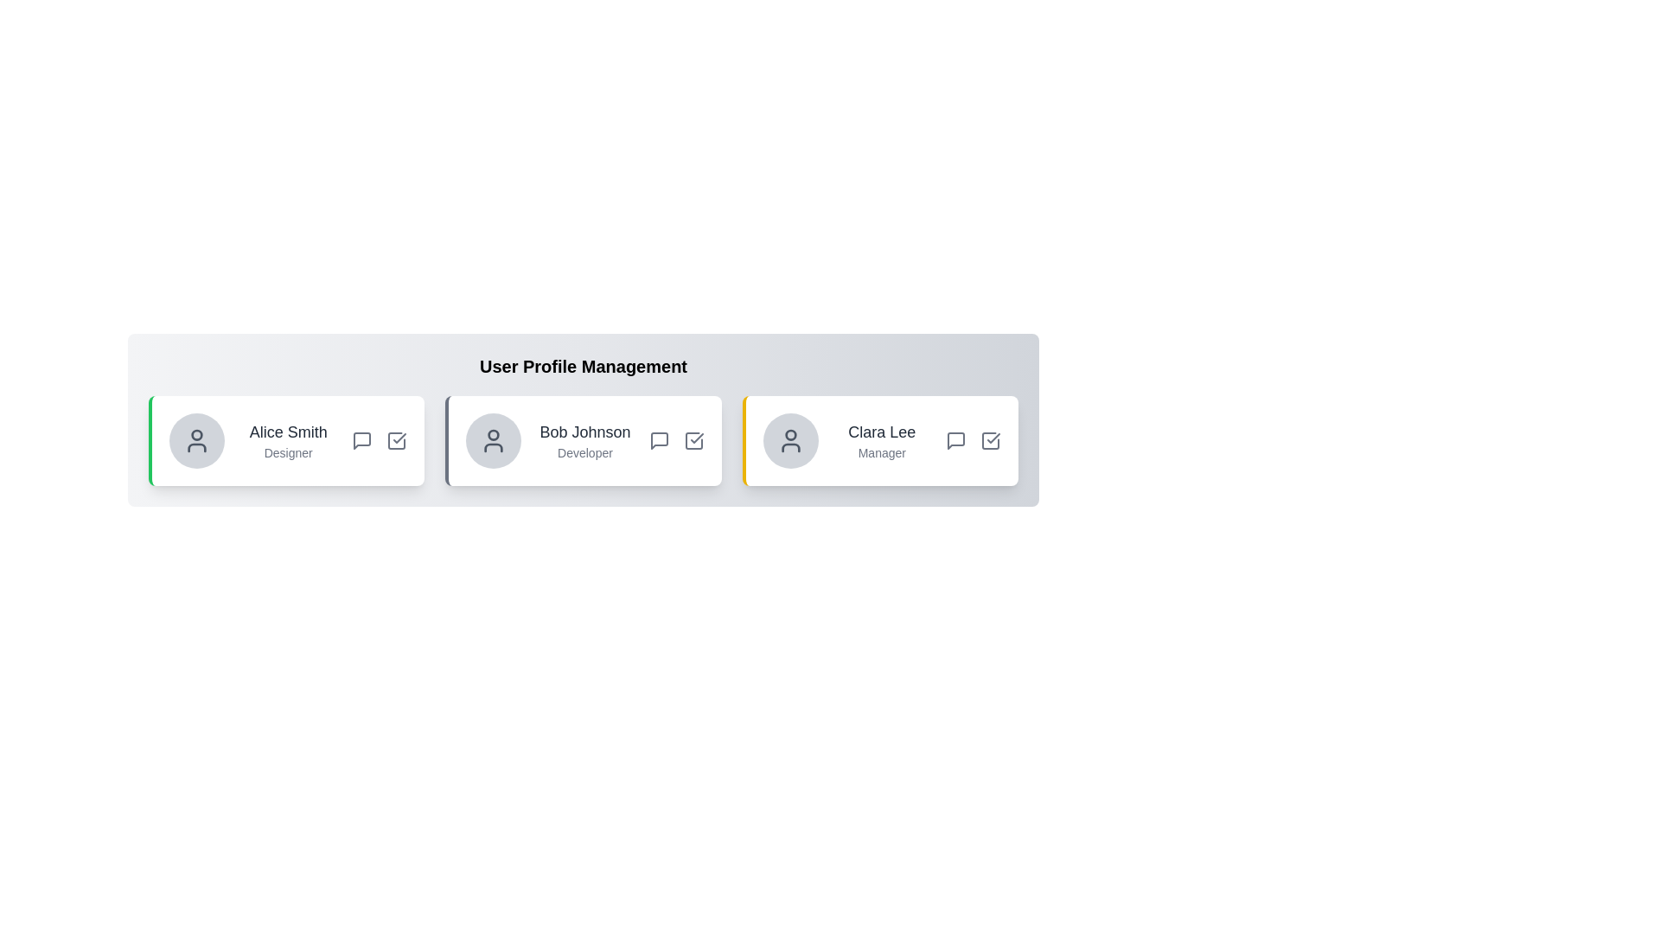 The height and width of the screenshot is (934, 1660). Describe the element at coordinates (584, 452) in the screenshot. I see `the text label displaying 'Developer', which is positioned below the name 'Bob Johnson' and above other UI controls in the profile card` at that location.